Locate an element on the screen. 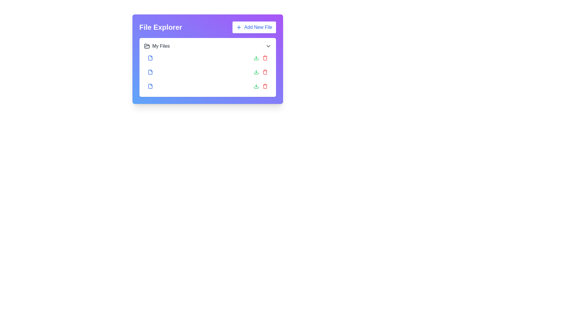 This screenshot has width=565, height=318. the trash bin icon button located on the right side of an entry in the file list is located at coordinates (265, 58).